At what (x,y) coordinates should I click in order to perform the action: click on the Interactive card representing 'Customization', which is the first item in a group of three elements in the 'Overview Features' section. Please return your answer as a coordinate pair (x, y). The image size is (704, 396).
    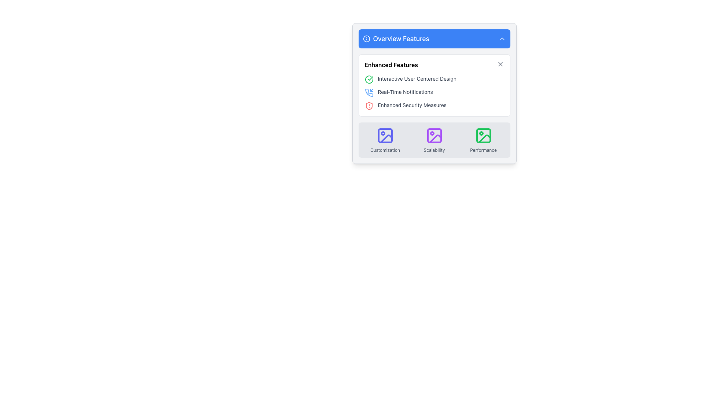
    Looking at the image, I should click on (385, 140).